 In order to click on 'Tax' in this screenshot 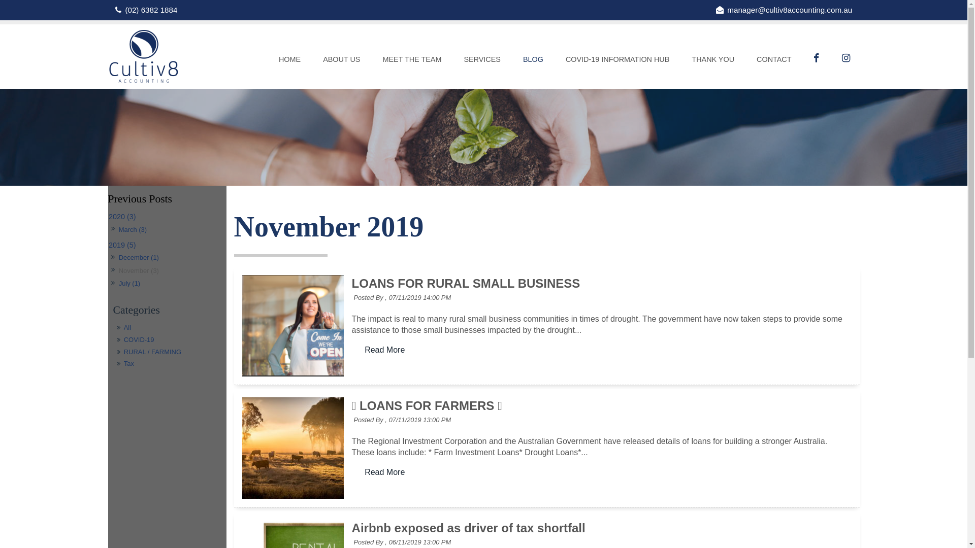, I will do `click(169, 363)`.